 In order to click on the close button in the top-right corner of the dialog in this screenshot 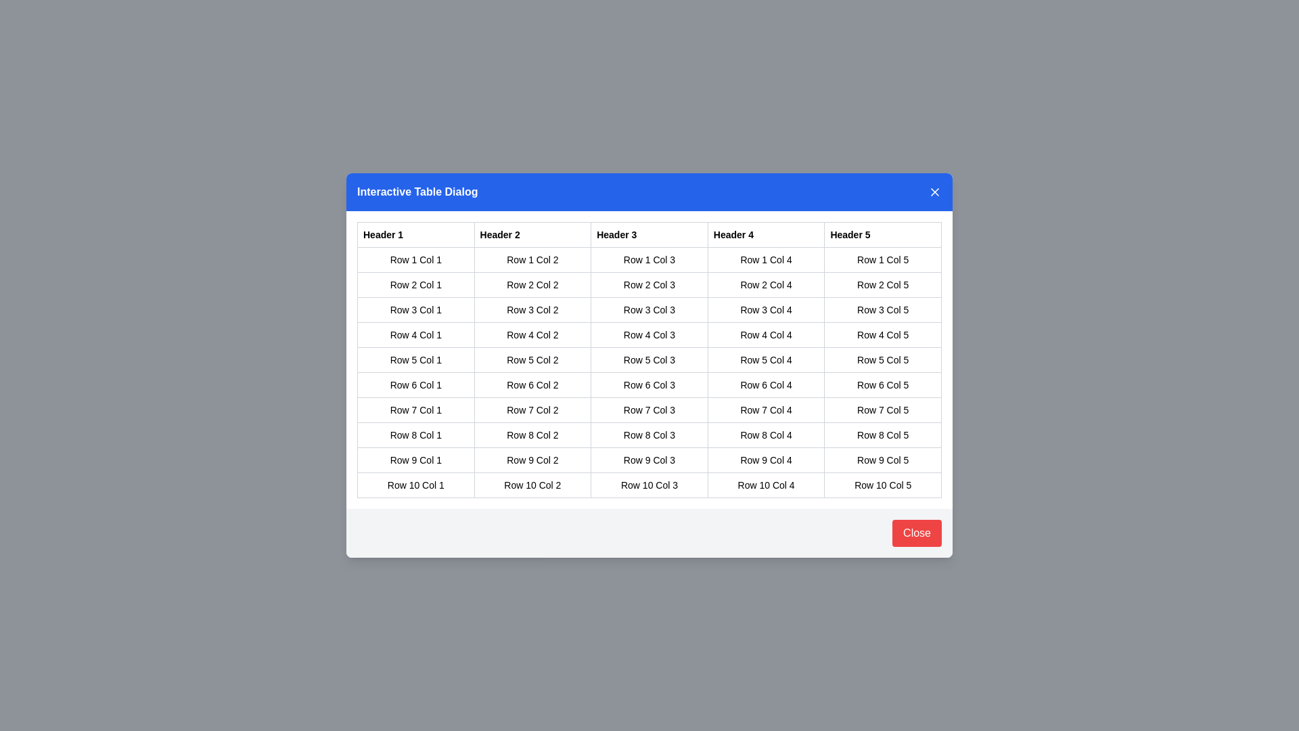, I will do `click(934, 192)`.